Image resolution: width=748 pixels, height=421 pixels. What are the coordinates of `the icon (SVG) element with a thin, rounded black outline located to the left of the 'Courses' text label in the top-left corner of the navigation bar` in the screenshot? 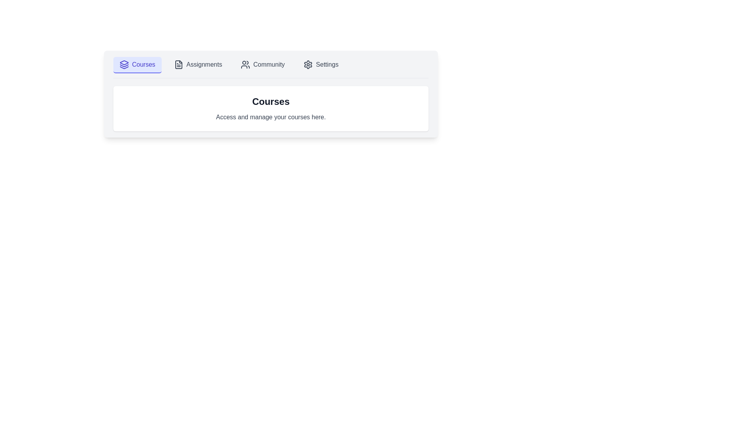 It's located at (123, 64).